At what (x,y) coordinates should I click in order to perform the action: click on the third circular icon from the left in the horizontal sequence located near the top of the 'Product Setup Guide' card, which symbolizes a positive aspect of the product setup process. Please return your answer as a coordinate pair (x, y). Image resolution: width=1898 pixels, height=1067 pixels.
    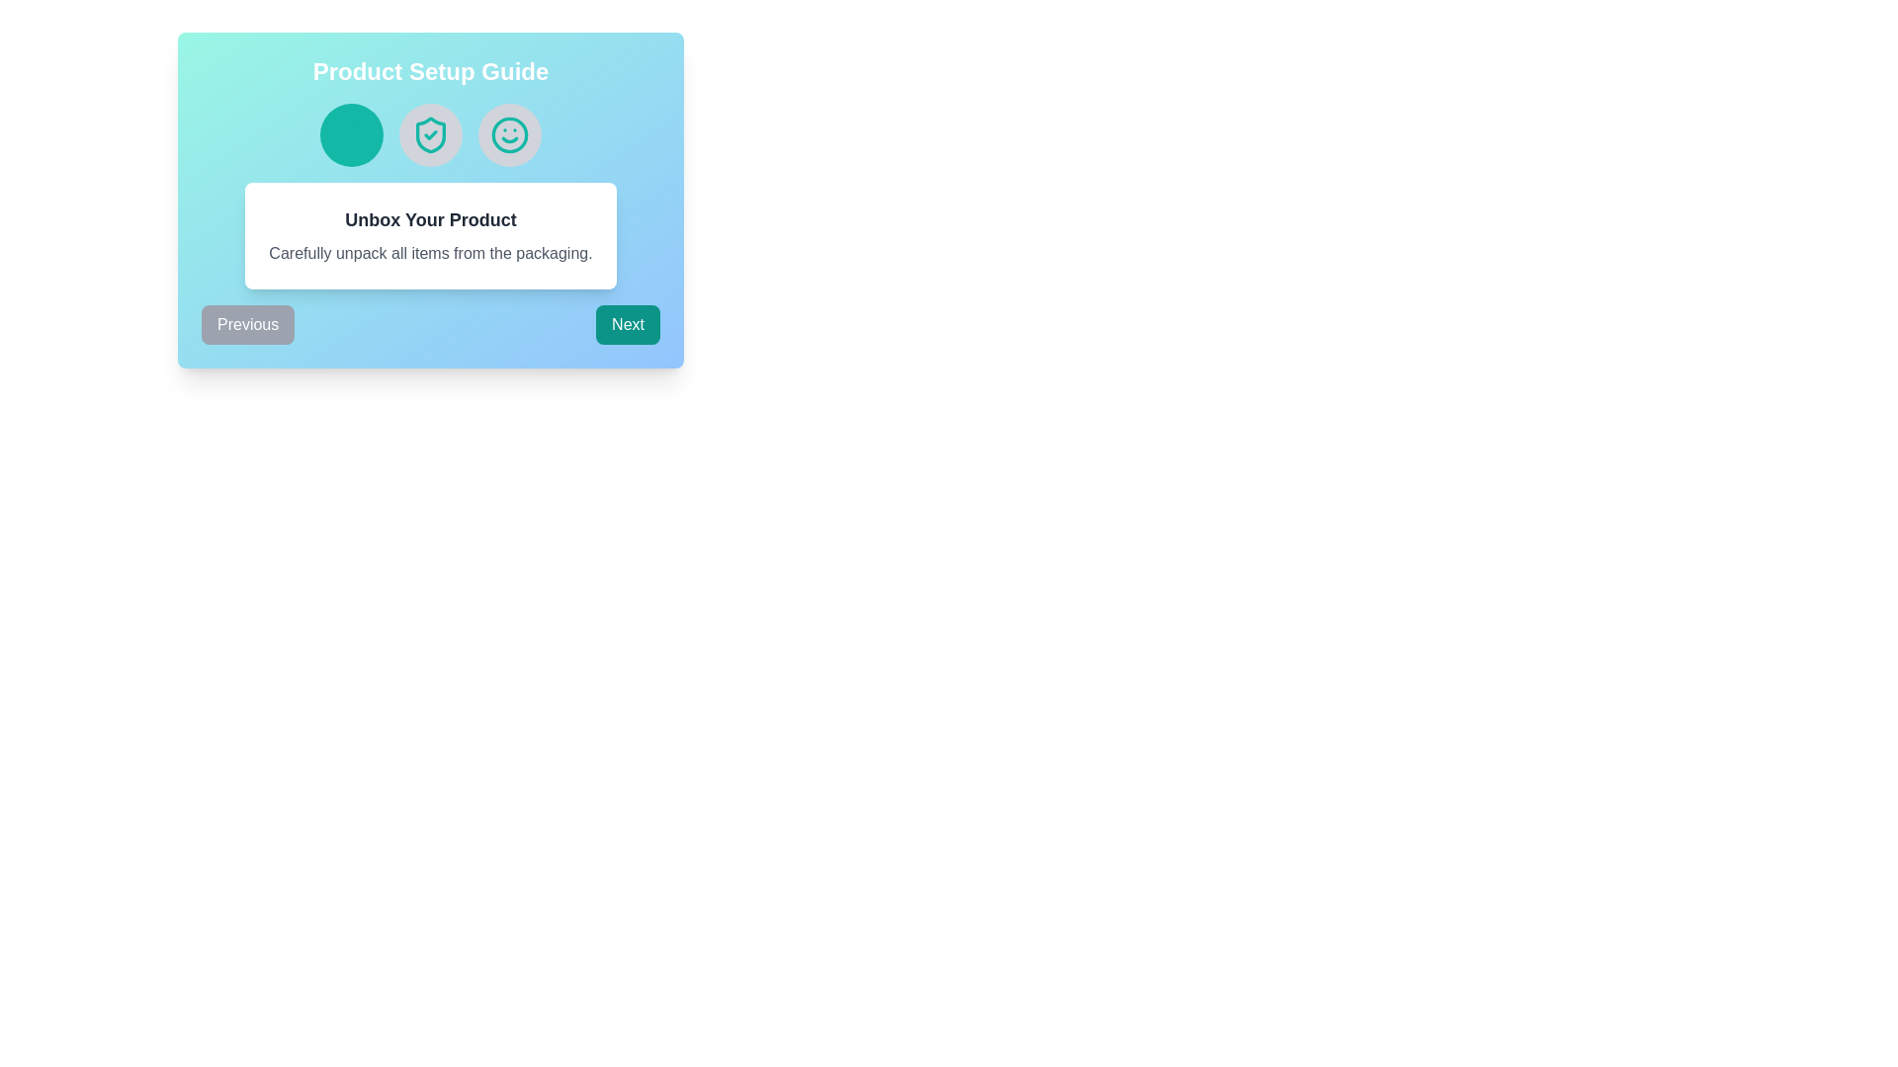
    Looking at the image, I should click on (509, 134).